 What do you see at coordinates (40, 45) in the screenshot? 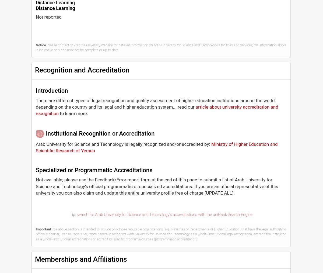
I see `'Notice'` at bounding box center [40, 45].